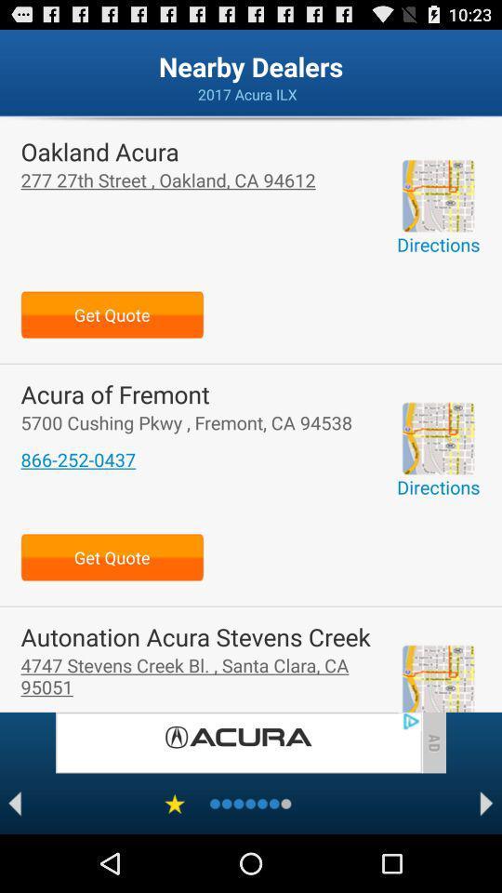 The image size is (502, 893). I want to click on the arrow_backward icon, so click(14, 860).